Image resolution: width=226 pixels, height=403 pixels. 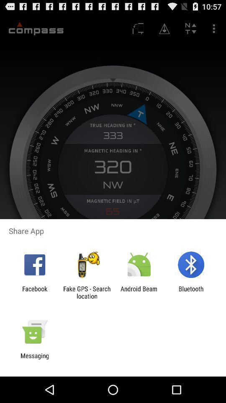 I want to click on messaging, so click(x=34, y=359).